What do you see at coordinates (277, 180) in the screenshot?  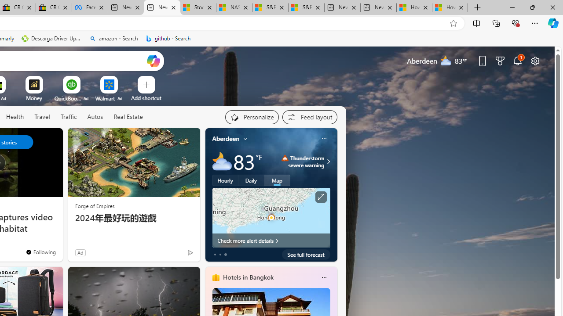 I see `'Map'` at bounding box center [277, 180].